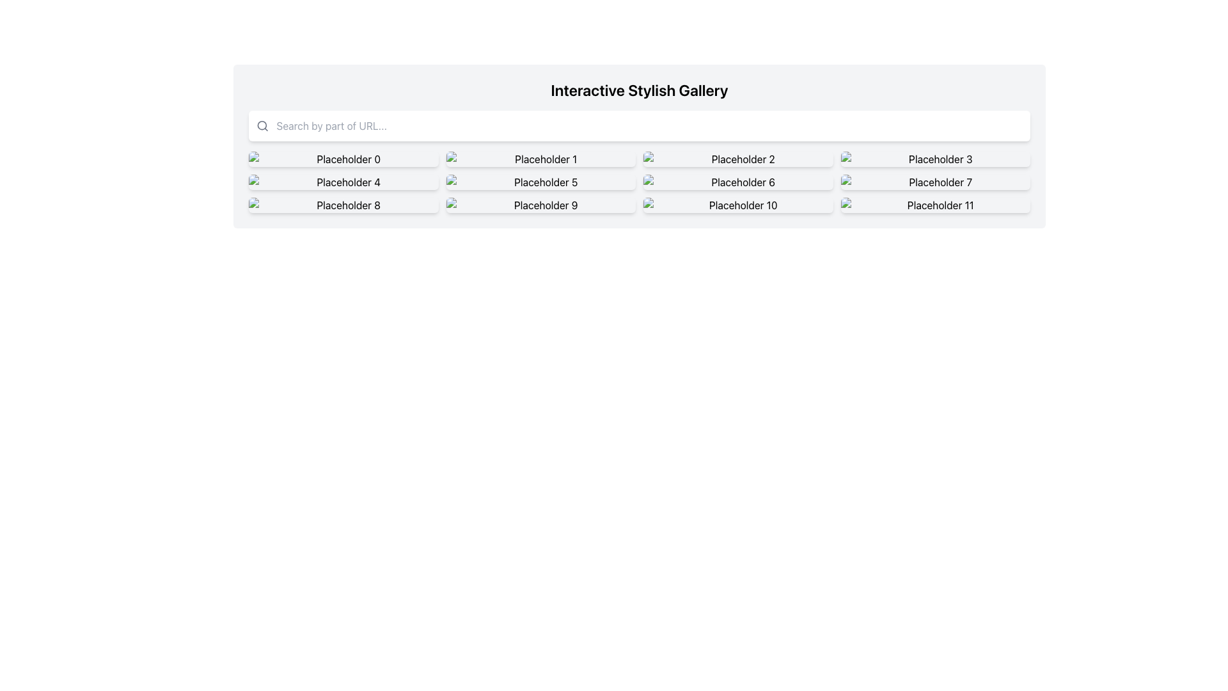 The height and width of the screenshot is (691, 1228). I want to click on the selectable gallery item located in the bottom row, third cell of a four-column grid, so click(738, 204).